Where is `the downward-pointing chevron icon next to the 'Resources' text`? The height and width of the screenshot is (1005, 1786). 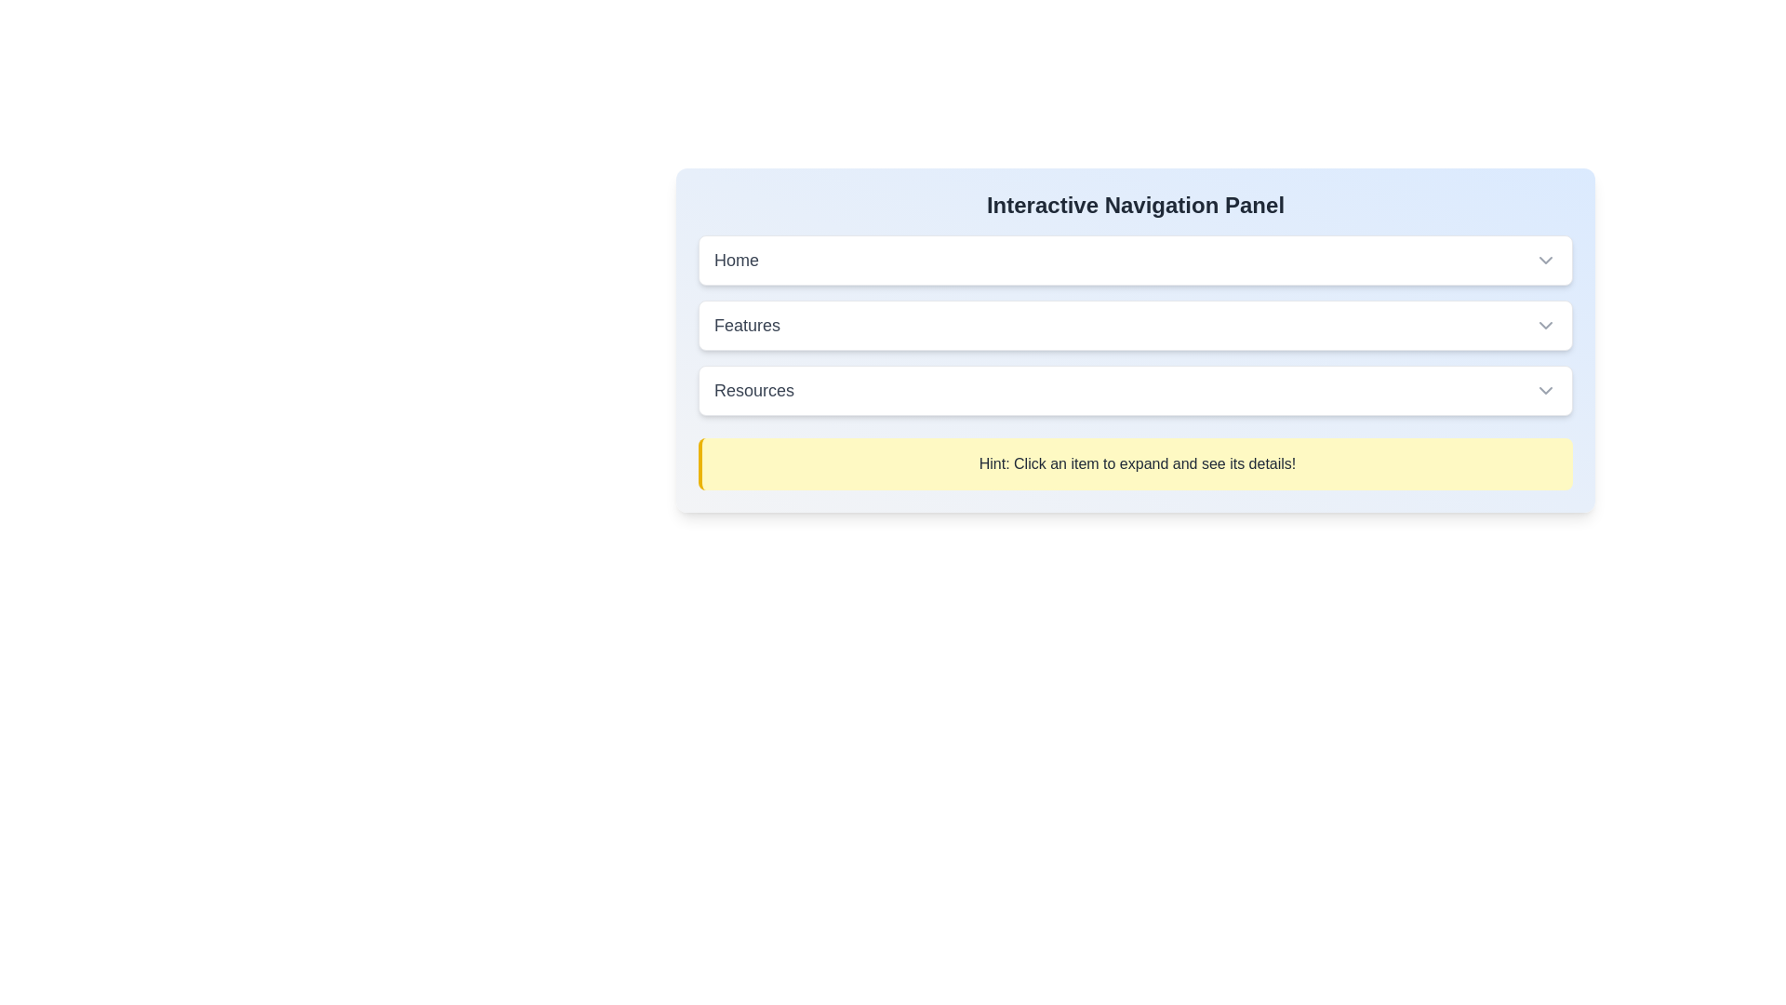 the downward-pointing chevron icon next to the 'Resources' text is located at coordinates (1545, 390).